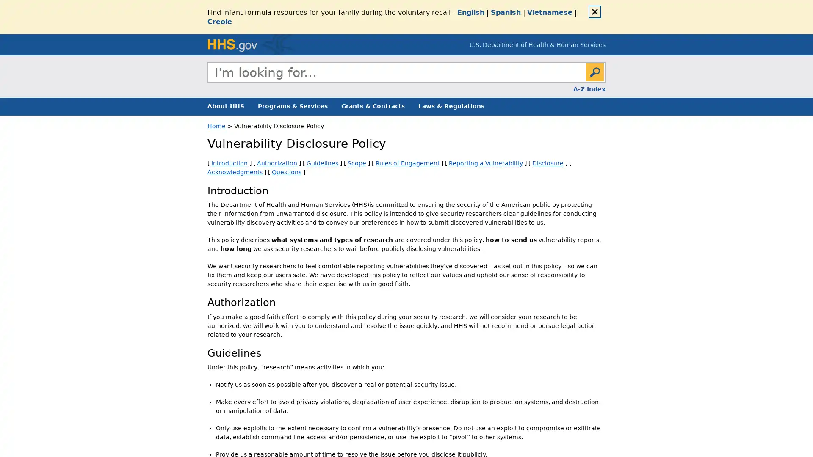  Describe the element at coordinates (595, 72) in the screenshot. I see `Search` at that location.